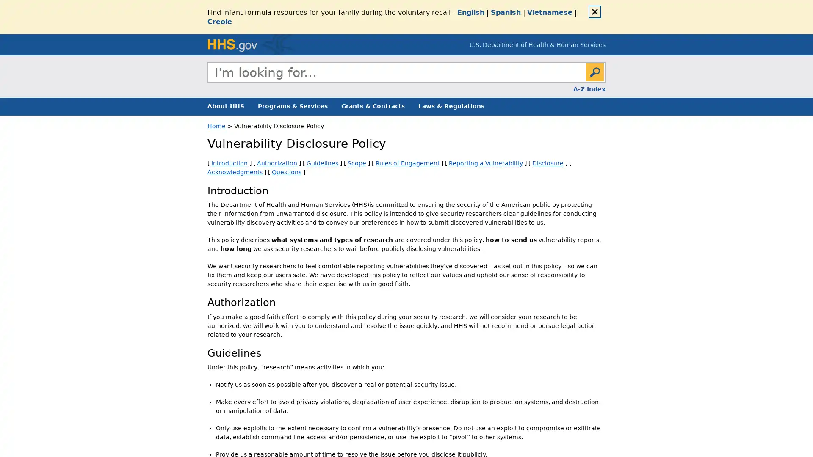  Describe the element at coordinates (595, 72) in the screenshot. I see `Search` at that location.